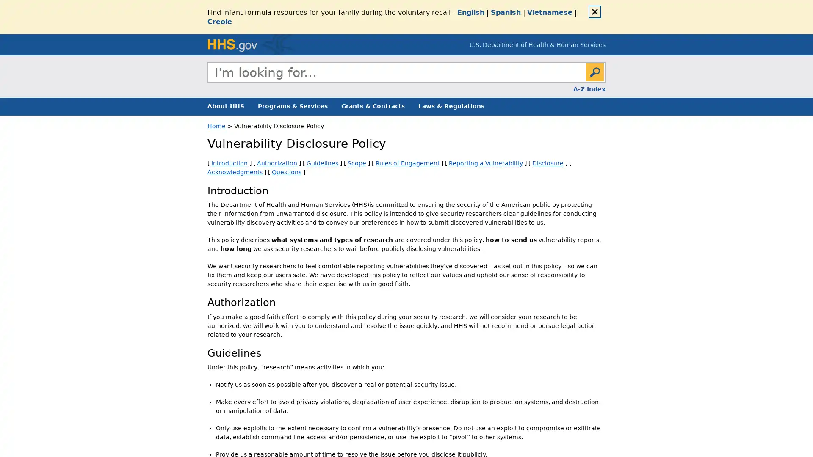  Describe the element at coordinates (595, 72) in the screenshot. I see `Search` at that location.